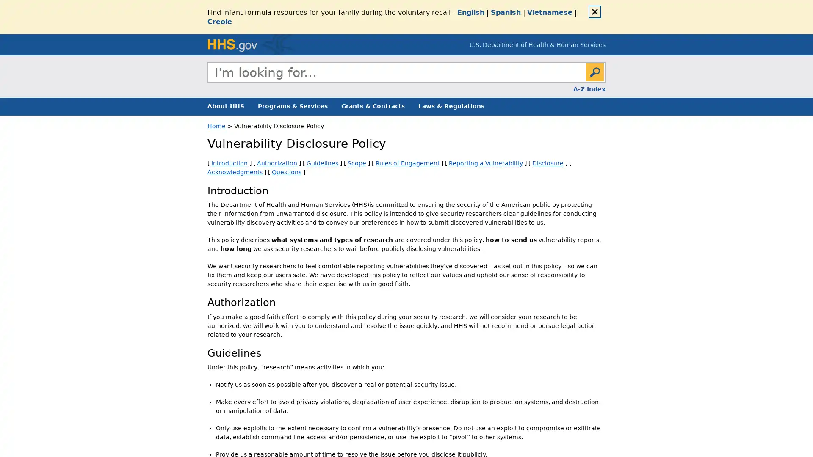  Describe the element at coordinates (595, 72) in the screenshot. I see `Search` at that location.